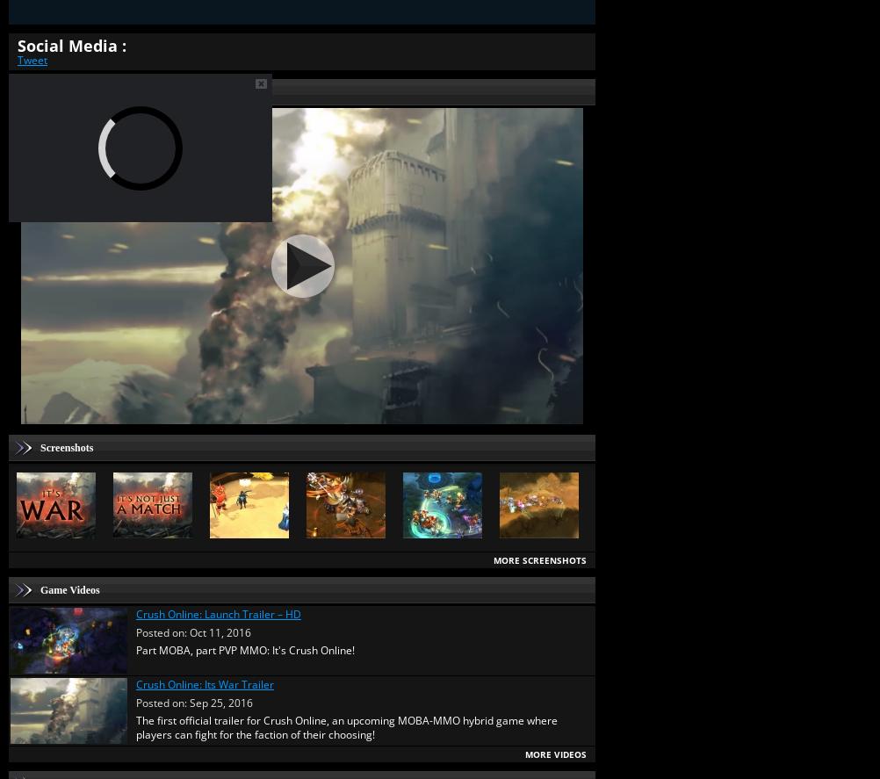 The image size is (880, 779). What do you see at coordinates (554, 752) in the screenshot?
I see `'More Videos'` at bounding box center [554, 752].